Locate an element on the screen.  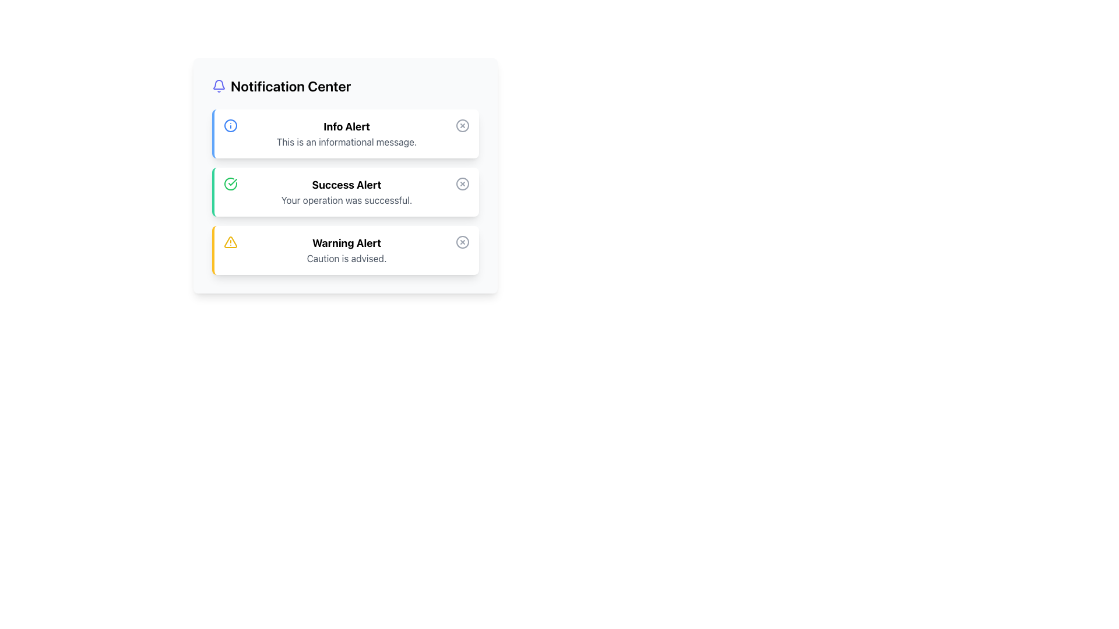
text label that serves as the title for the notification panel, positioned to the right of the bell icon at the top of the panel is located at coordinates (291, 85).